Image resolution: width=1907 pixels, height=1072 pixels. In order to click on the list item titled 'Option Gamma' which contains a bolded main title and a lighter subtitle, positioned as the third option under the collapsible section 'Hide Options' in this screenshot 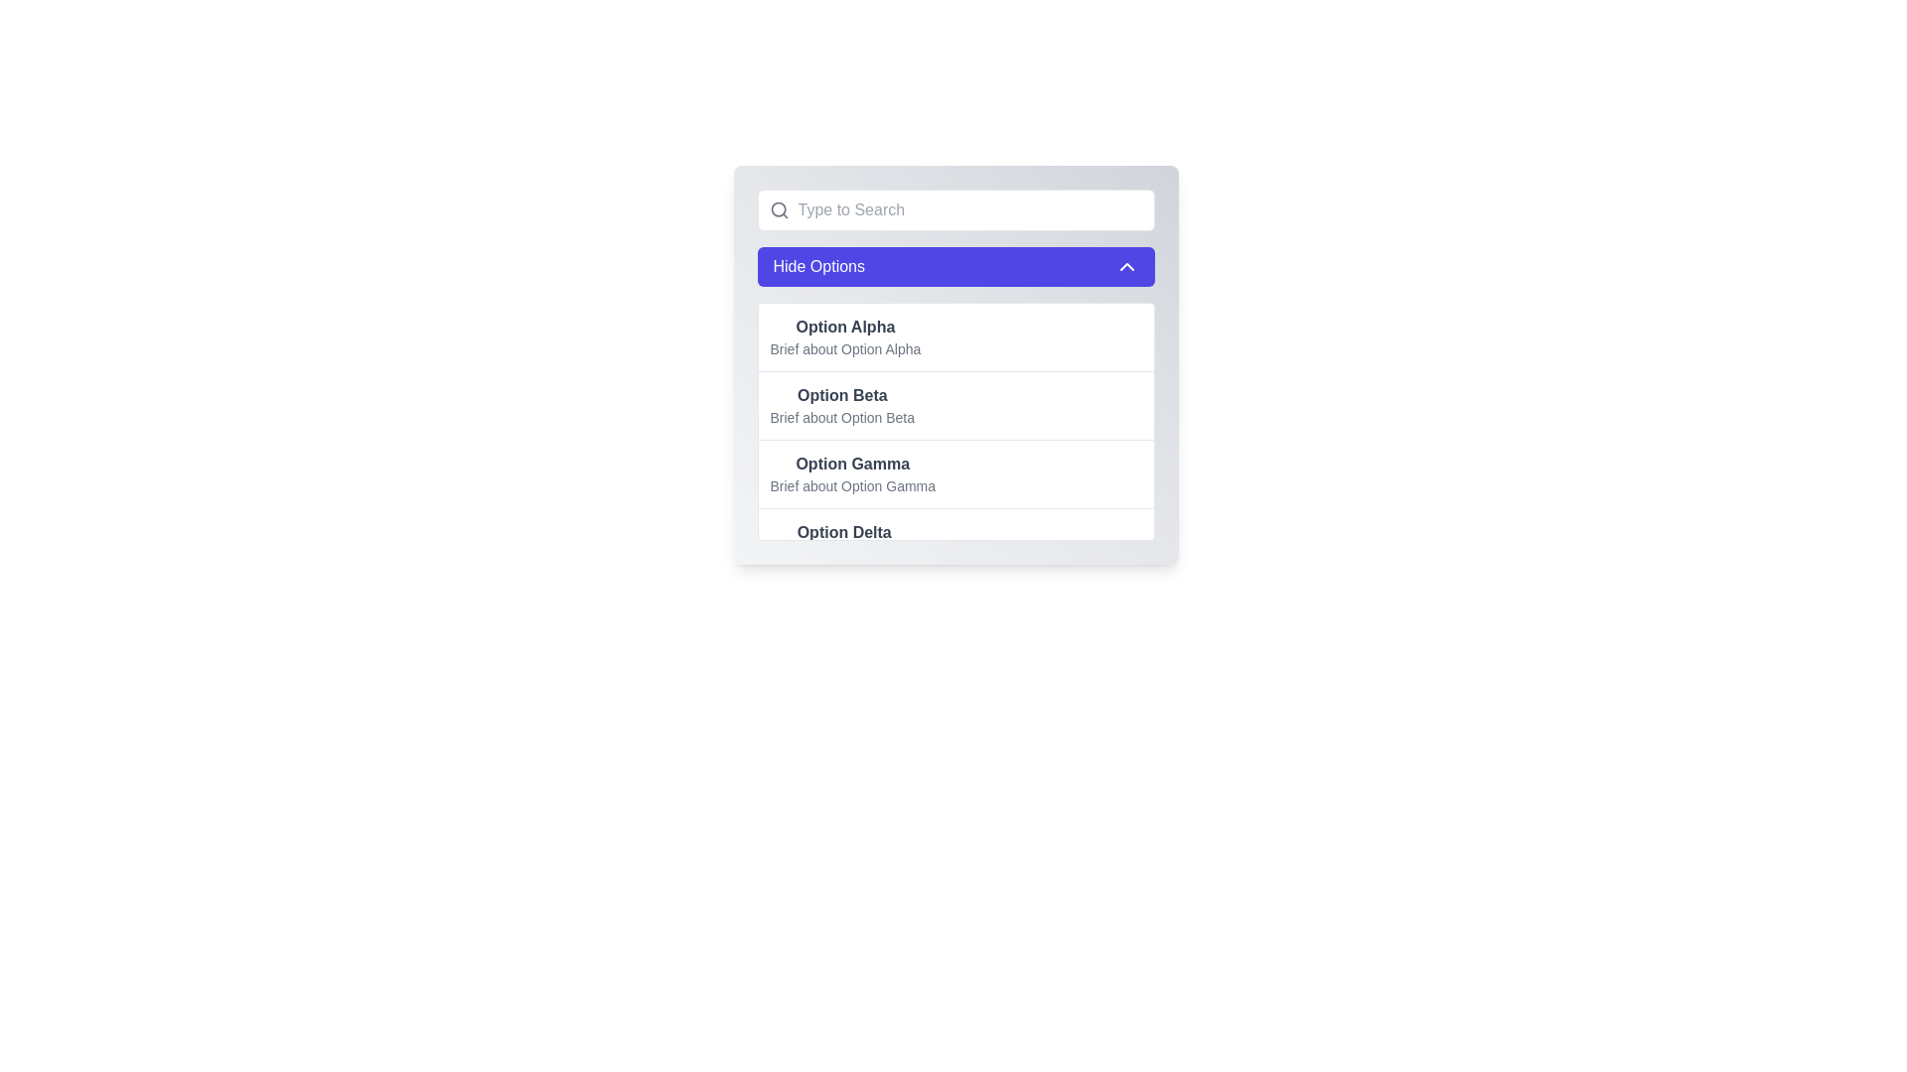, I will do `click(852, 474)`.